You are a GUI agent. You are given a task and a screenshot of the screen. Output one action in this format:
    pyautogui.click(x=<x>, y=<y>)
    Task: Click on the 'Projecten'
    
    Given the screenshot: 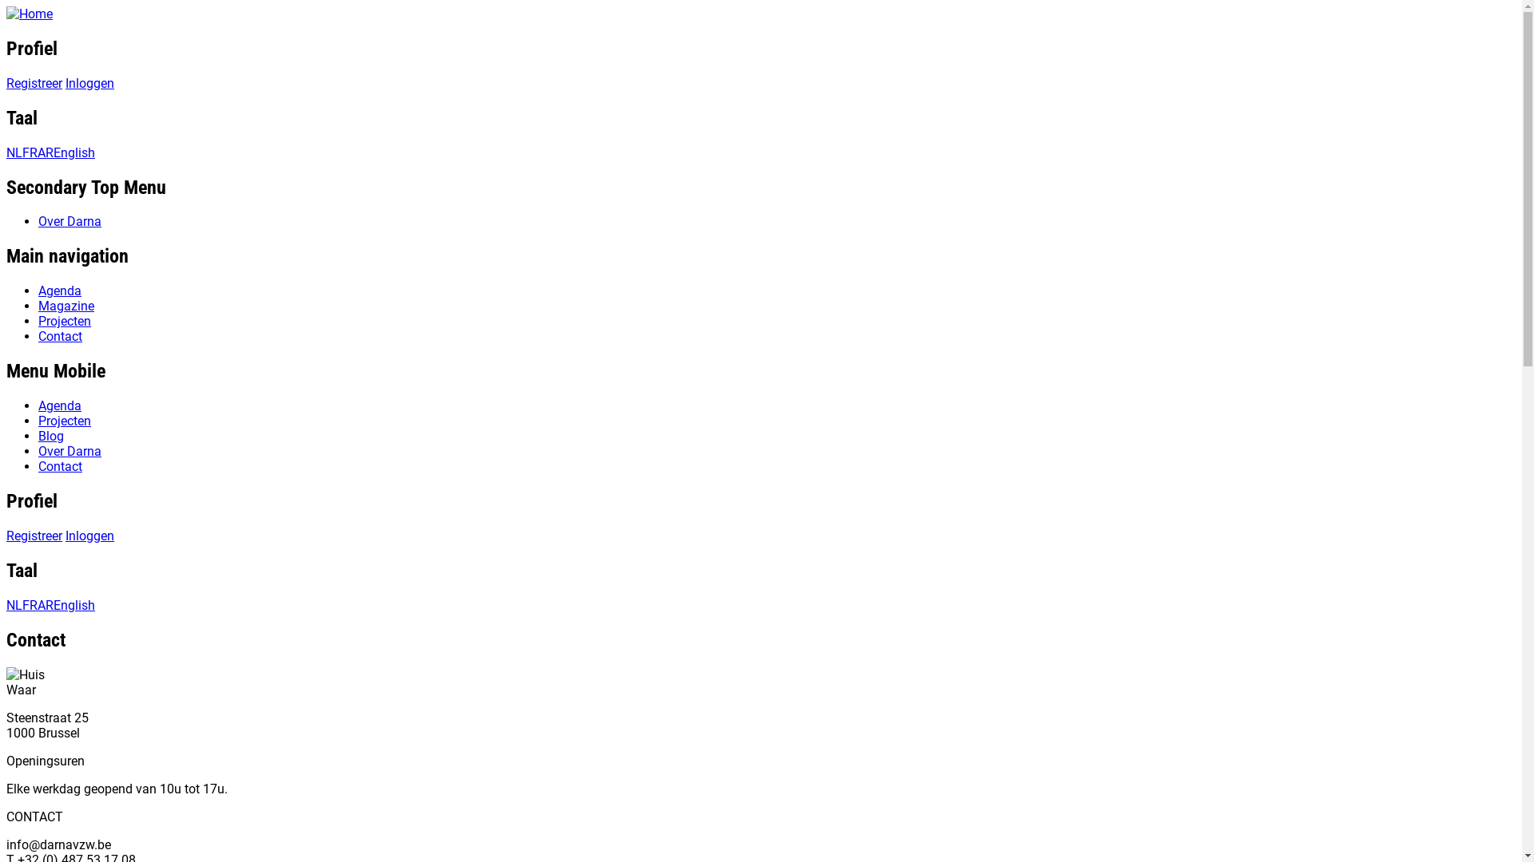 What is the action you would take?
    pyautogui.click(x=38, y=420)
    